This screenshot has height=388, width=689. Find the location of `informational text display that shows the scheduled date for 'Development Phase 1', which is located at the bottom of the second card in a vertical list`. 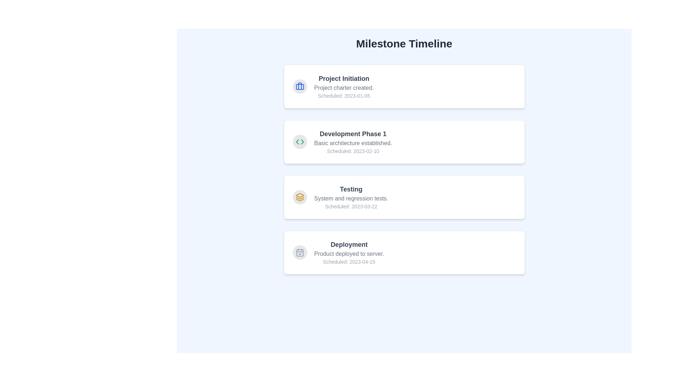

informational text display that shows the scheduled date for 'Development Phase 1', which is located at the bottom of the second card in a vertical list is located at coordinates (353, 151).